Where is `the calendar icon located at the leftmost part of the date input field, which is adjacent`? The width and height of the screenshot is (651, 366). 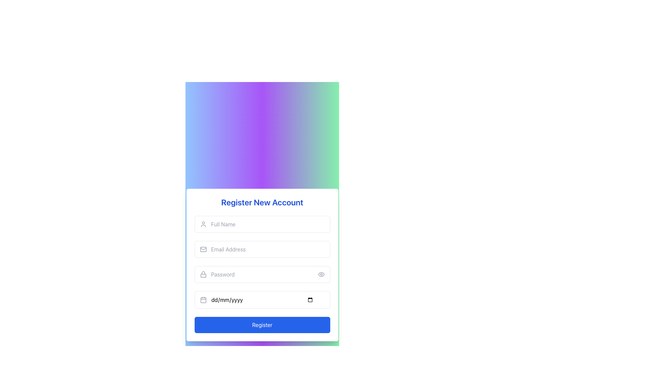 the calendar icon located at the leftmost part of the date input field, which is adjacent is located at coordinates (203, 299).